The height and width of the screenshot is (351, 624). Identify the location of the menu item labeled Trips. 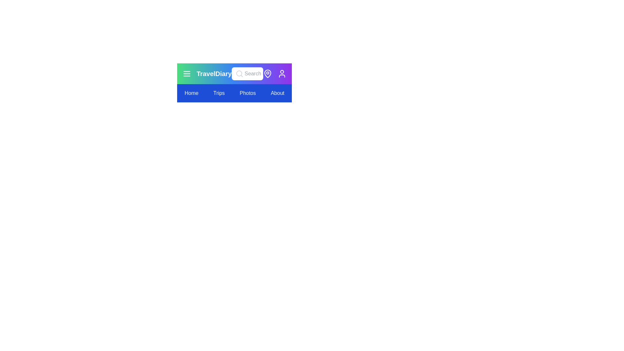
(219, 93).